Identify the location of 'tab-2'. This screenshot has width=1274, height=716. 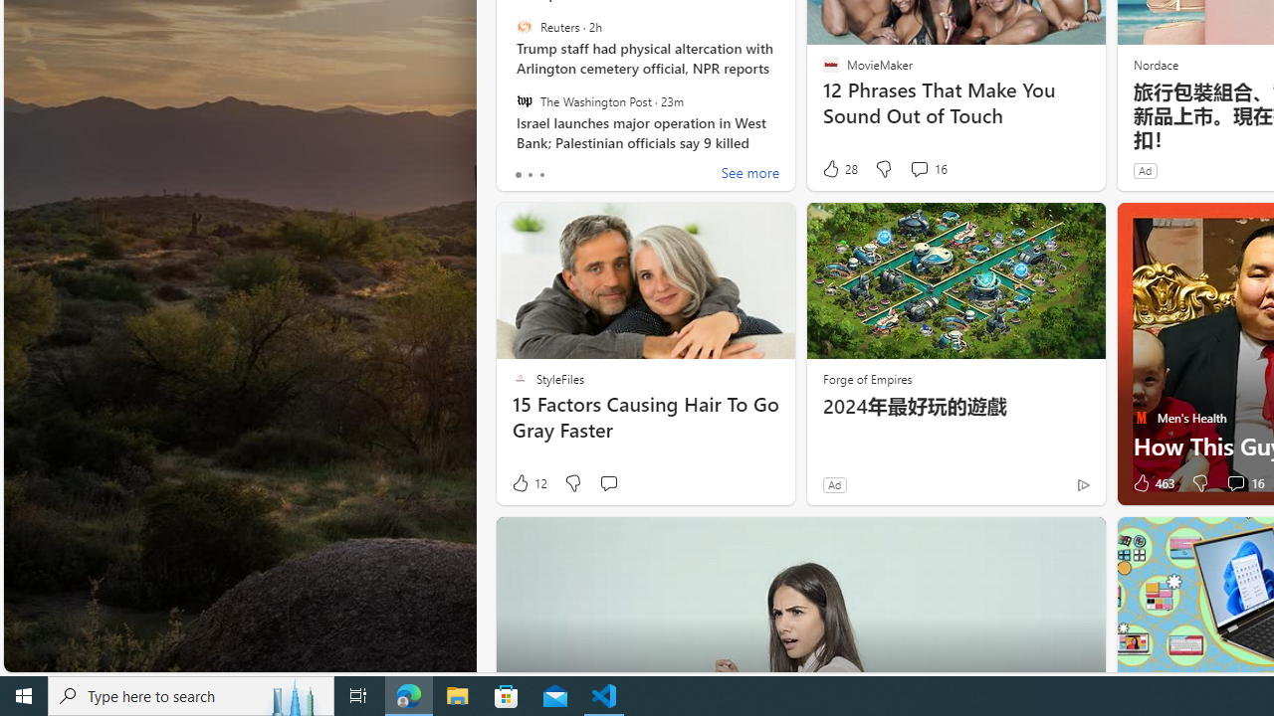
(541, 174).